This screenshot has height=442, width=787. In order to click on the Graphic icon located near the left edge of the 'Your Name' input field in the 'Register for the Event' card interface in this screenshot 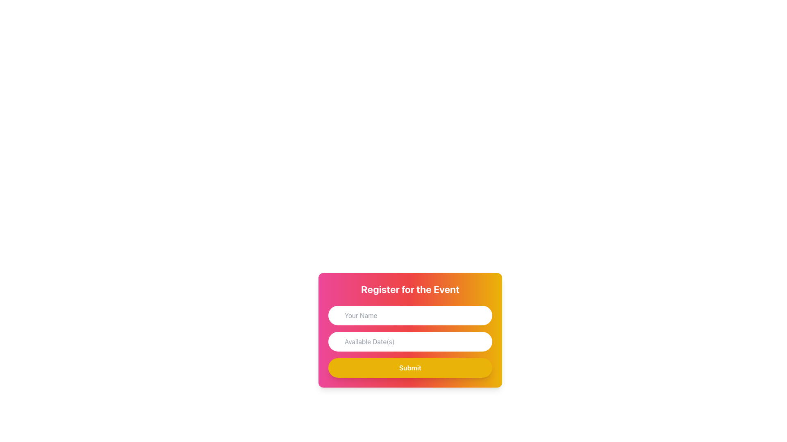, I will do `click(337, 314)`.